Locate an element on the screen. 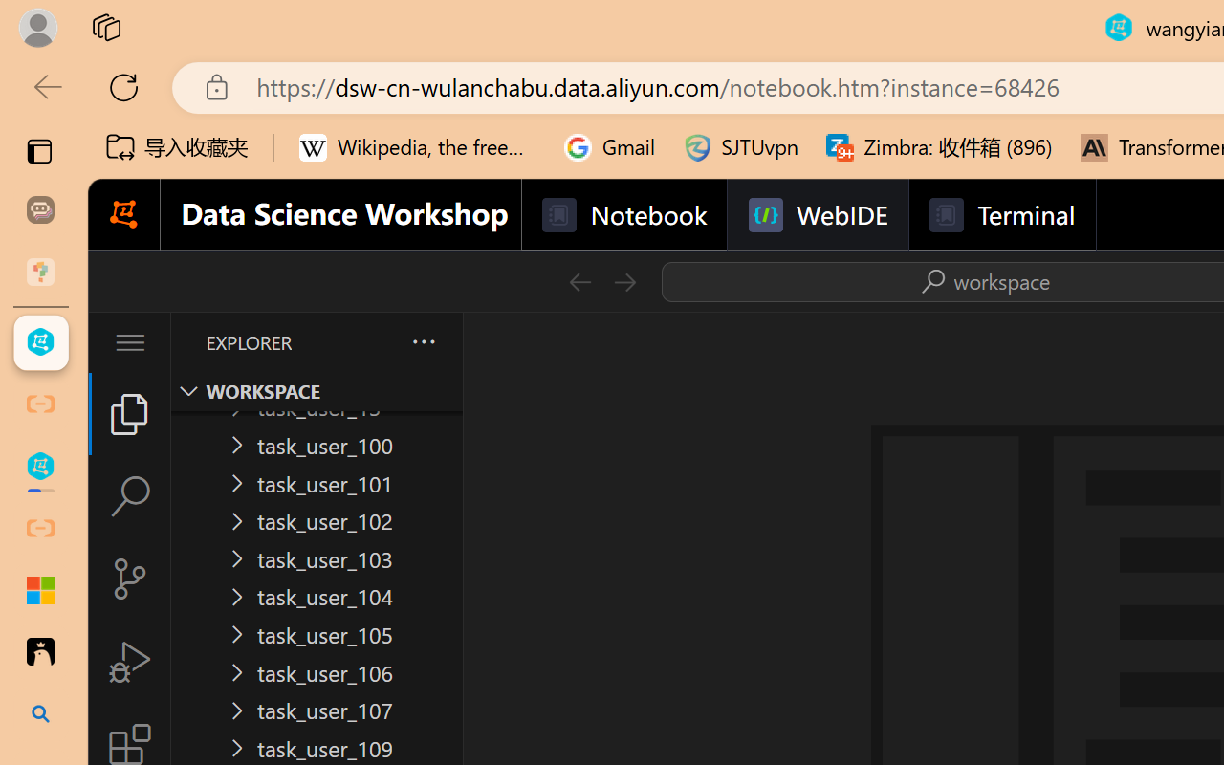 This screenshot has height=765, width=1224. 'Adjust indents and spacing - Microsoft Support' is located at coordinates (40, 590).